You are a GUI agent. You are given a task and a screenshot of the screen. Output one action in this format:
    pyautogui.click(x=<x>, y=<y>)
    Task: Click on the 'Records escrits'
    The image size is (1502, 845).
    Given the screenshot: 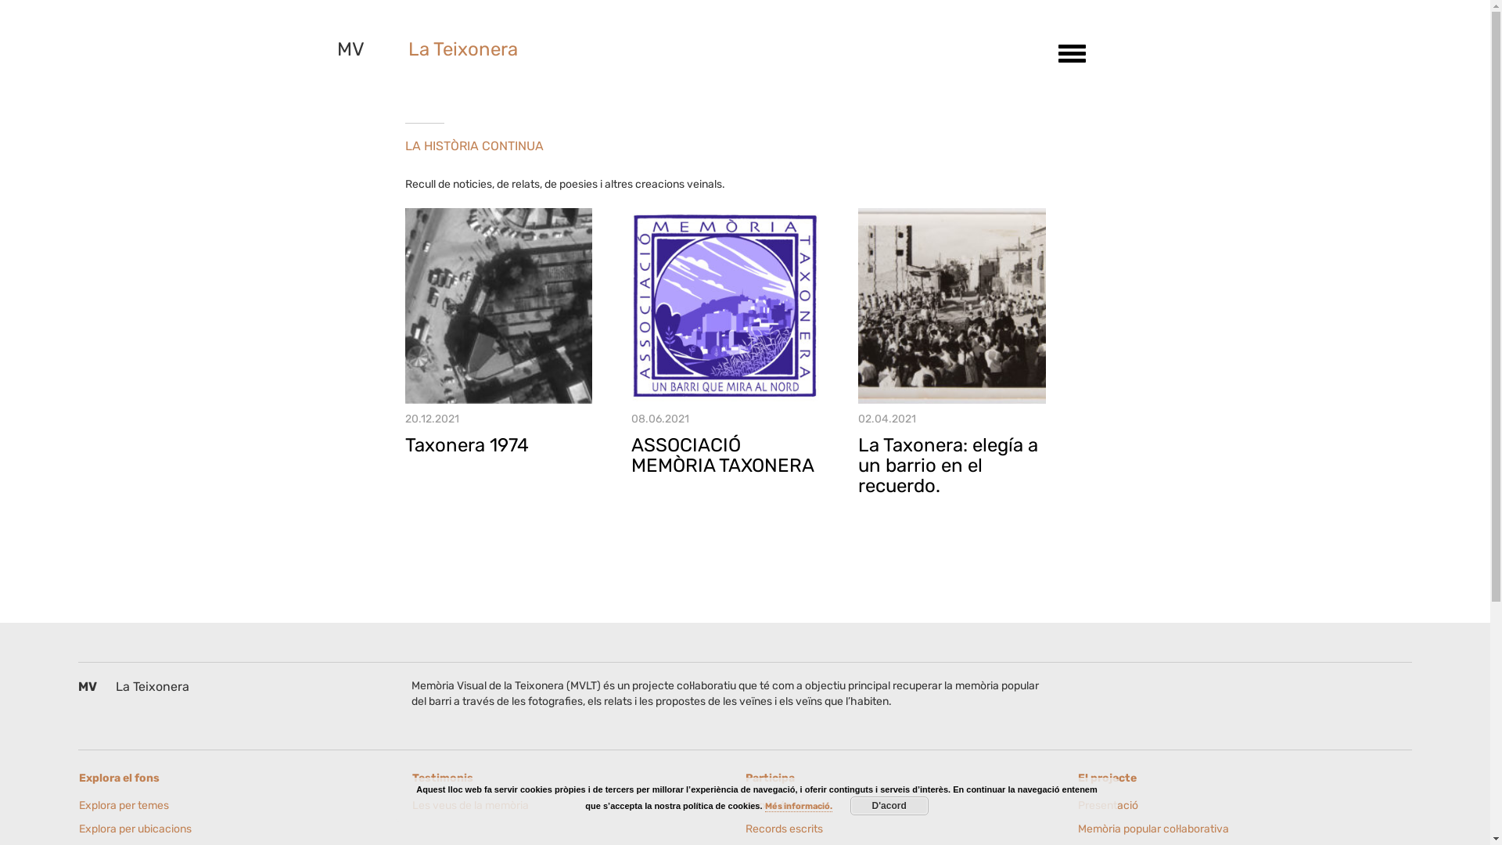 What is the action you would take?
    pyautogui.click(x=807, y=829)
    